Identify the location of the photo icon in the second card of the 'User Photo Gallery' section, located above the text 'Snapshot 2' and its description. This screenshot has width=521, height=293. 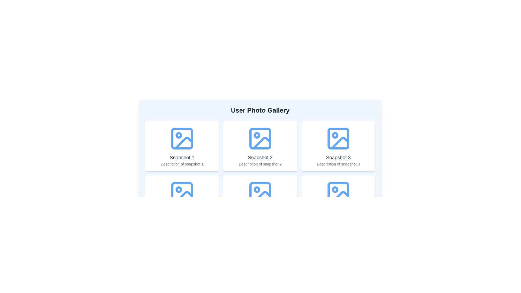
(260, 138).